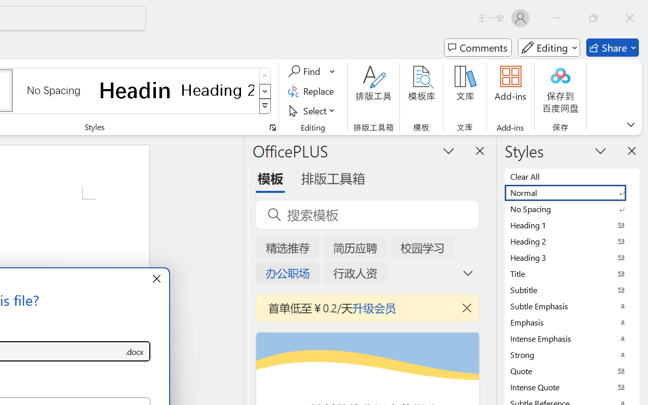  I want to click on 'Subtitle', so click(572, 289).